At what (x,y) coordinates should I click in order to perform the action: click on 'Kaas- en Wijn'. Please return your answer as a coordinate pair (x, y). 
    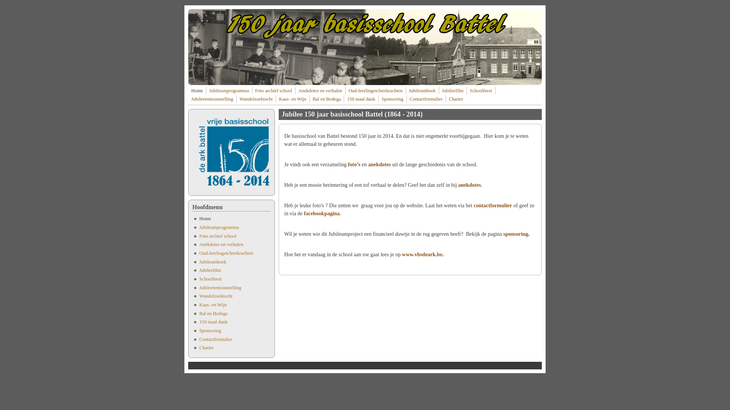
    Looking at the image, I should click on (292, 99).